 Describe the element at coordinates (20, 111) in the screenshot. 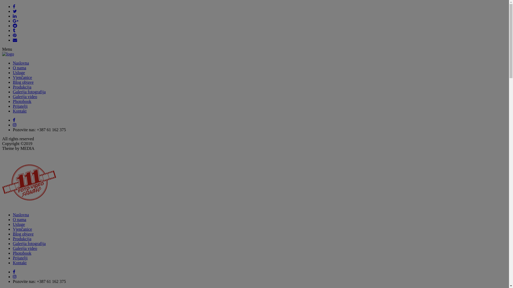

I see `'Kontakt'` at that location.